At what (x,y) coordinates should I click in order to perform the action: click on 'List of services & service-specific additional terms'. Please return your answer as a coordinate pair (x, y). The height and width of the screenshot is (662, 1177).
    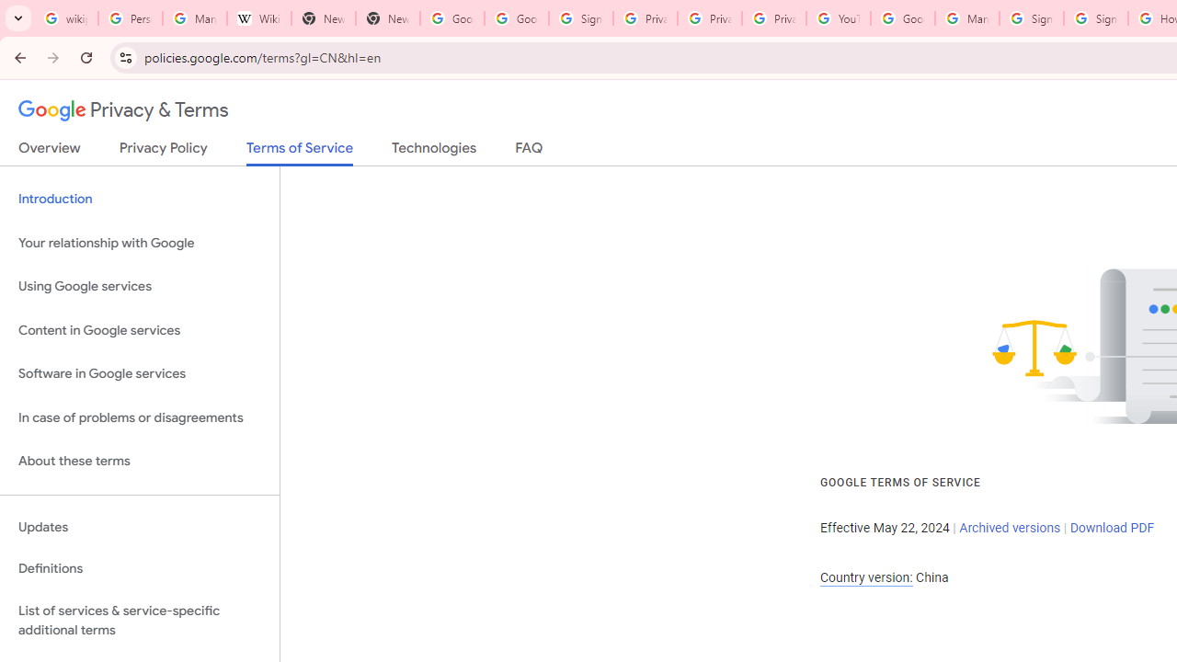
    Looking at the image, I should click on (139, 621).